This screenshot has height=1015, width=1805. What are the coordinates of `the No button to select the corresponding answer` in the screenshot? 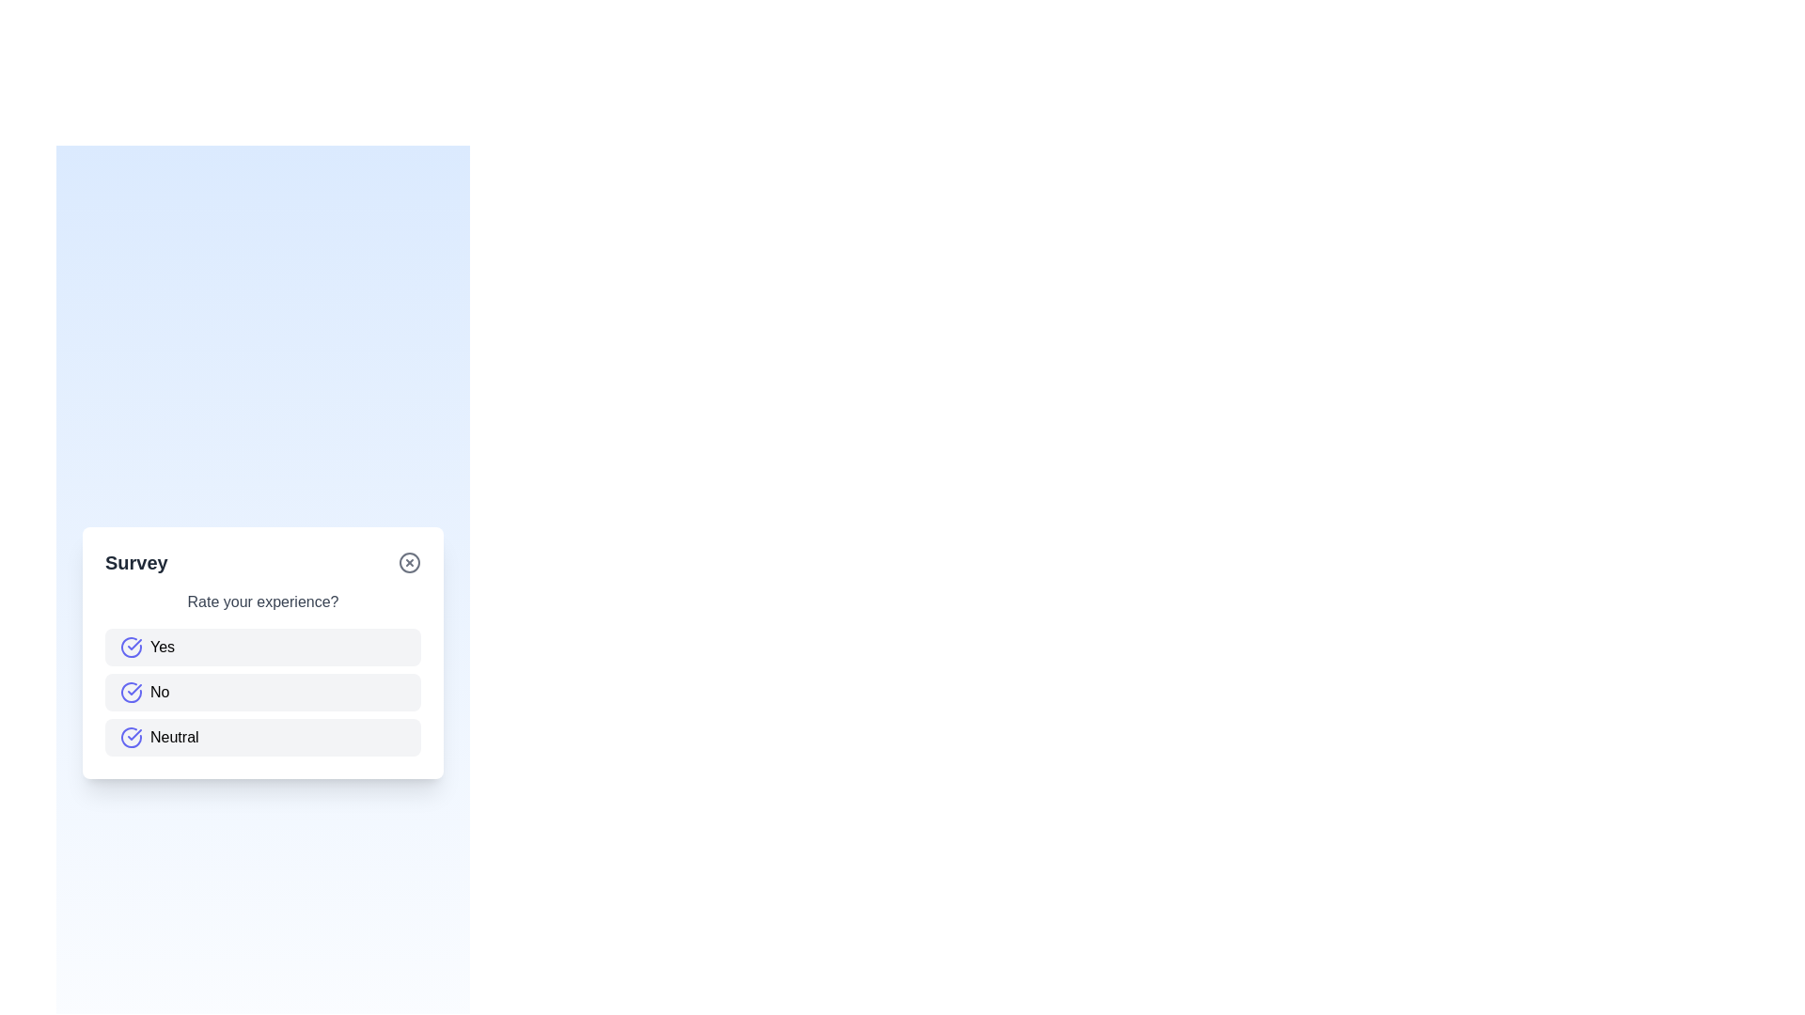 It's located at (261, 692).